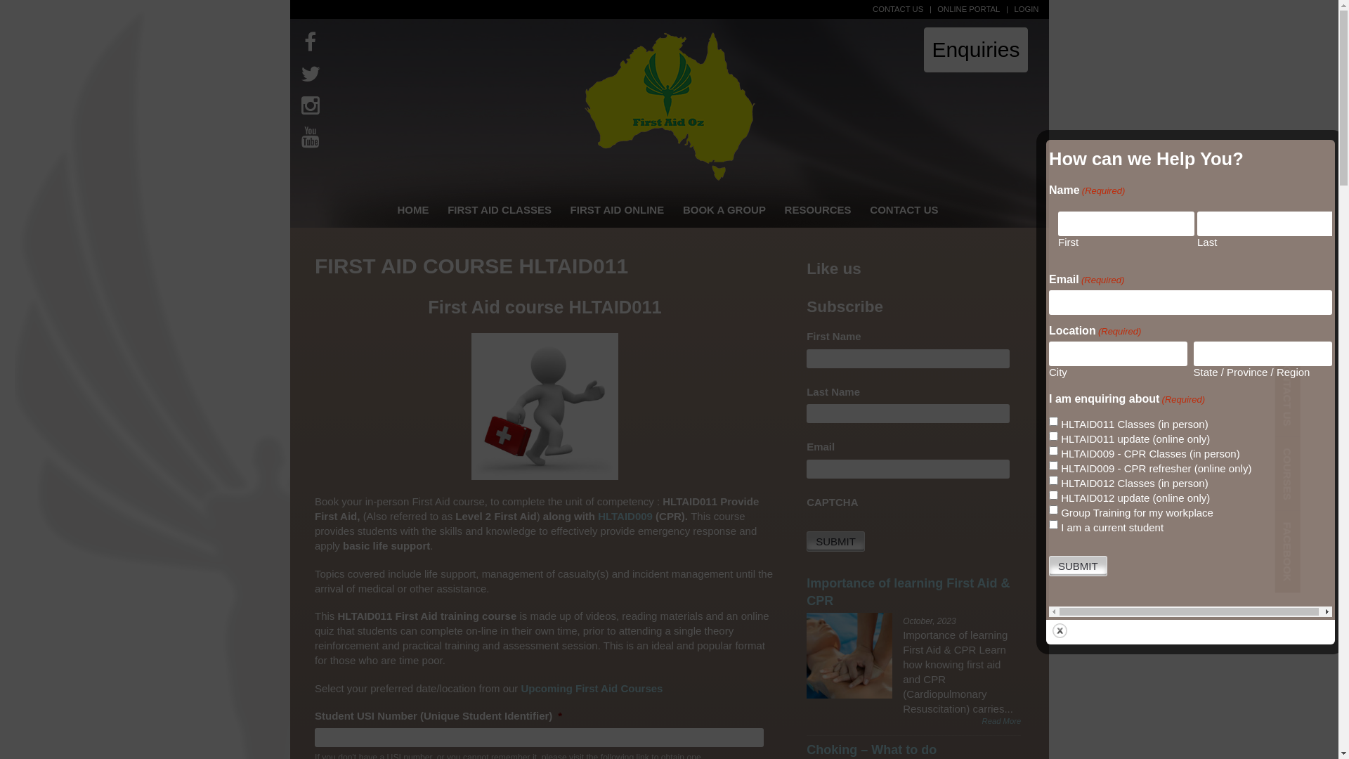  Describe the element at coordinates (1023, 8) in the screenshot. I see `'LOGIN'` at that location.